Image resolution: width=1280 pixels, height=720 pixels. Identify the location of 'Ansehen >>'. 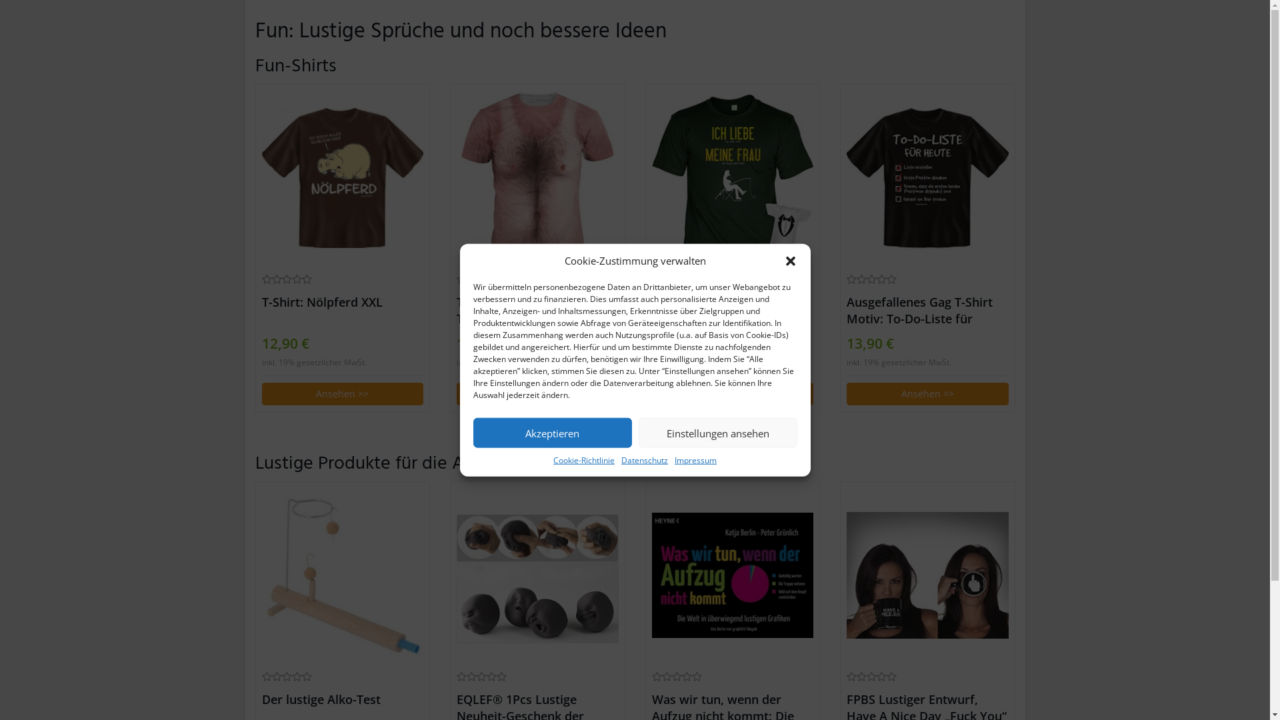
(732, 393).